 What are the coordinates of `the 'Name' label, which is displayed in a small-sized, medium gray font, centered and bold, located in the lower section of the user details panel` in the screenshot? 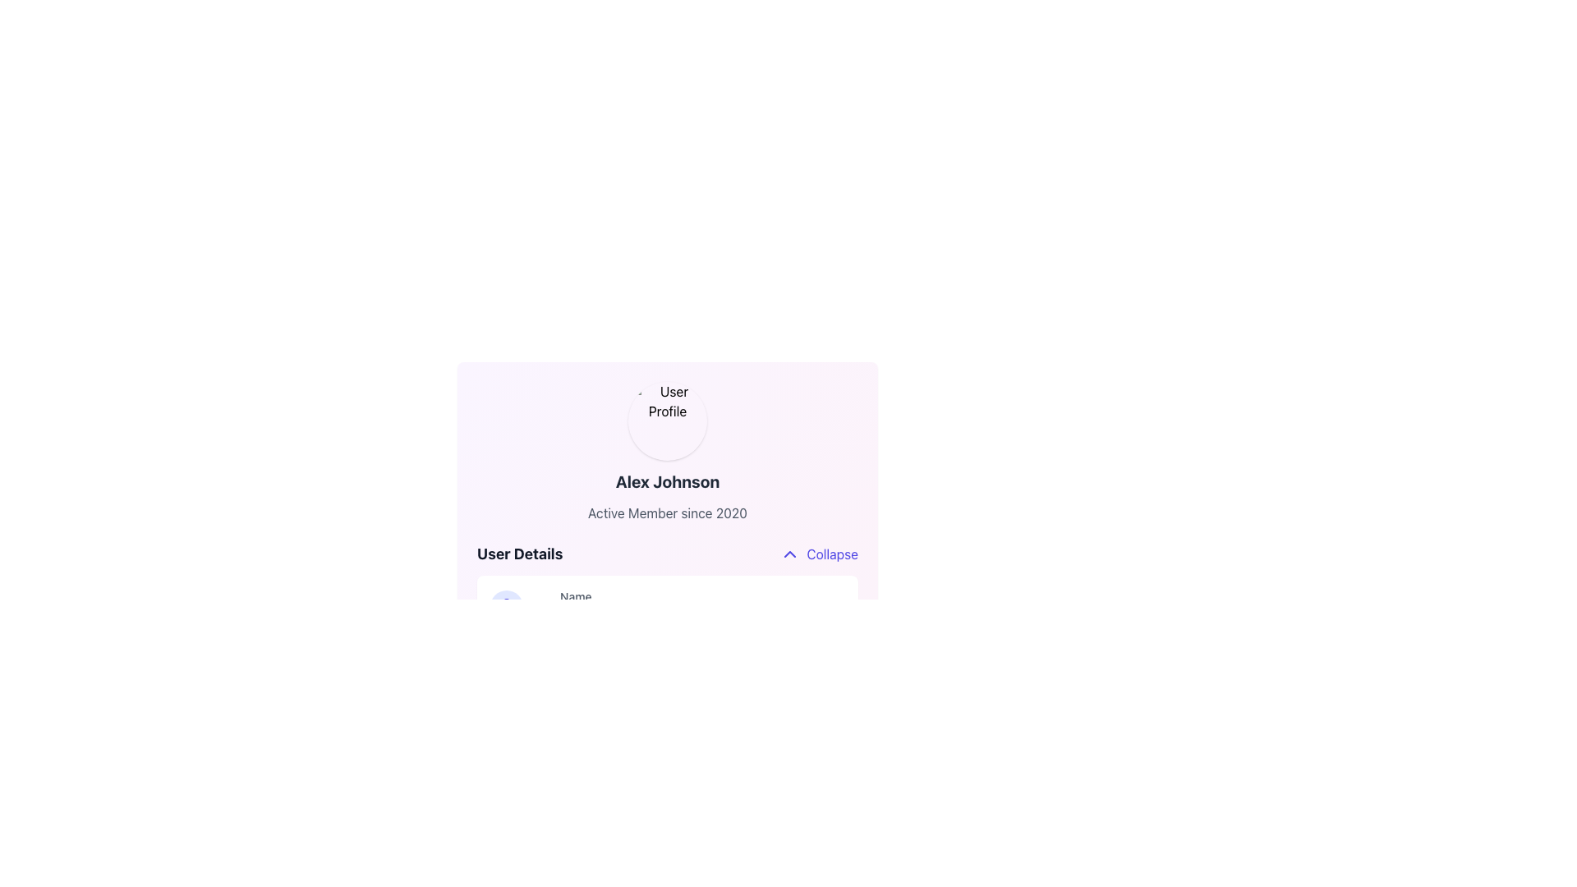 It's located at (576, 607).